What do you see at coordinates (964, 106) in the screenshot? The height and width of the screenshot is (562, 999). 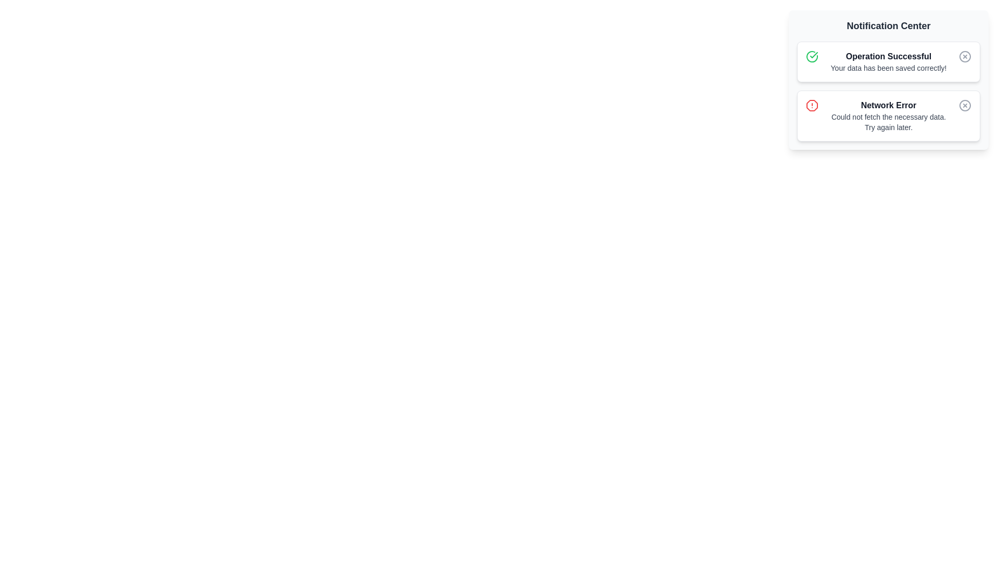 I see `the circular part of the 'close' button in the 'Network Error' notification panel` at bounding box center [964, 106].